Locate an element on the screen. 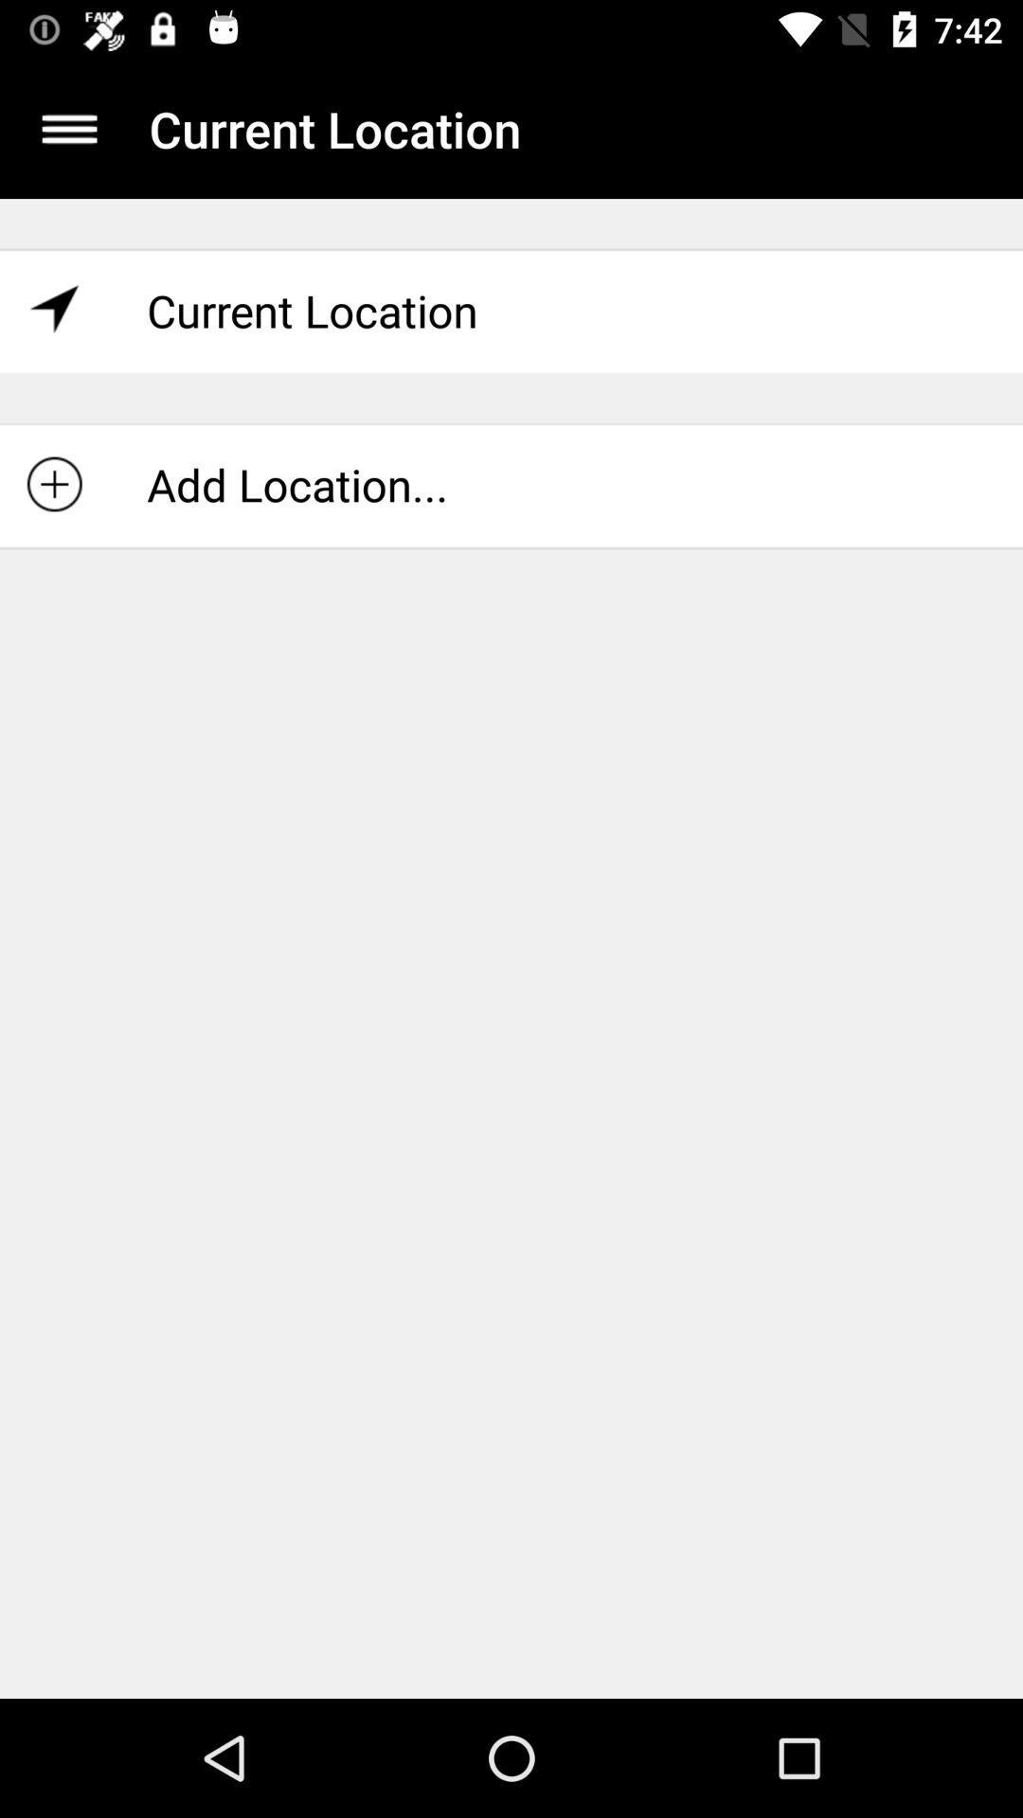 This screenshot has width=1023, height=1818. the add location... icon is located at coordinates (511, 484).